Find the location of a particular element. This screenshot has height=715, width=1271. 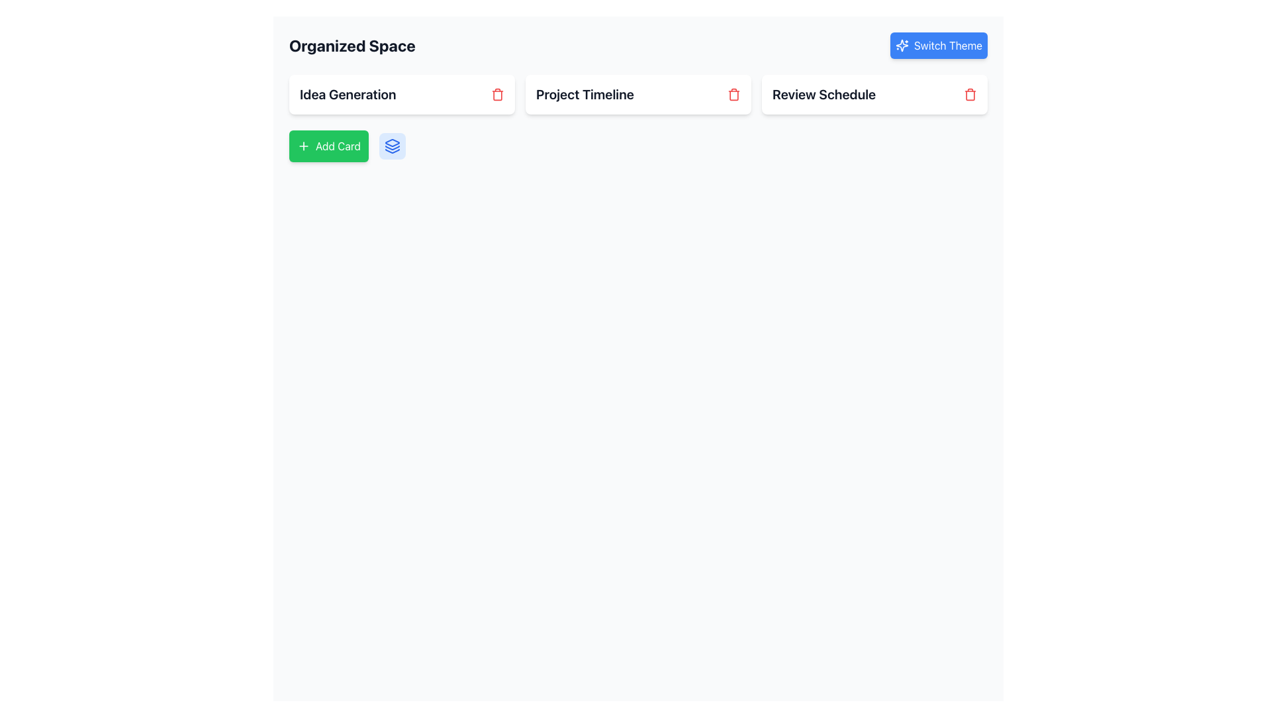

to select the 'Project Timeline' card element, which features a bold title and a red delete icon, positioned in the middle of a horizontally aligned grid of containers is located at coordinates (638, 93).